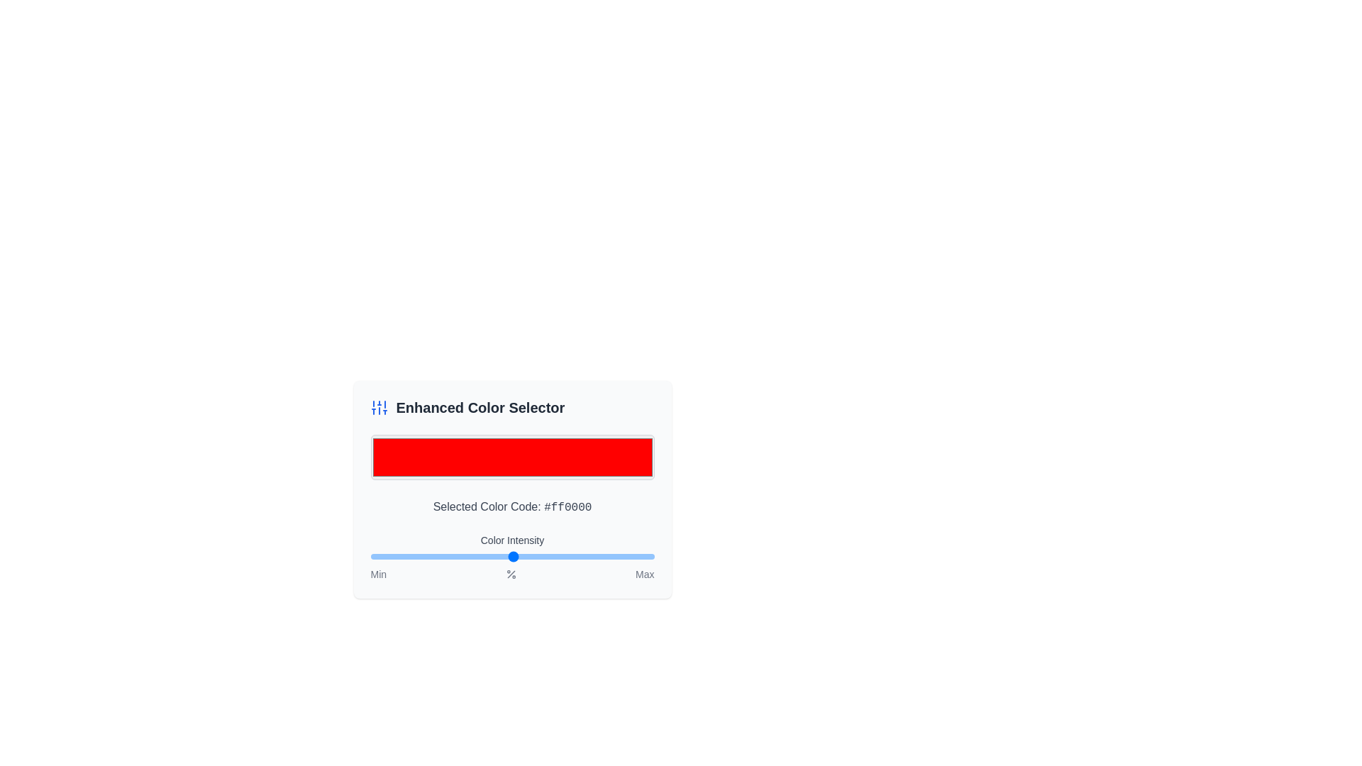 The image size is (1362, 766). What do you see at coordinates (567, 507) in the screenshot?
I see `the static text label displaying the currently selected color code '#ff0000', which is non-interactive and serves as an informational display` at bounding box center [567, 507].